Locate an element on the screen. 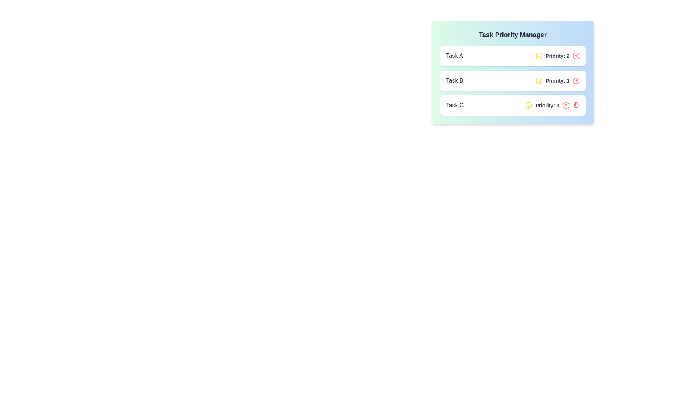 The width and height of the screenshot is (698, 393). the flame icon in the 'Task Priority Manager' interface, which is located towards the right end of the row corresponding to 'Task C' is located at coordinates (575, 105).